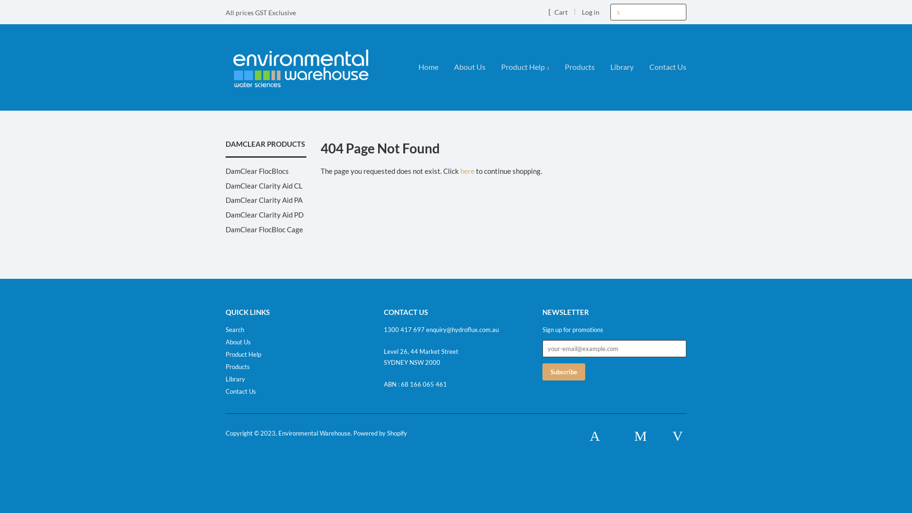 The image size is (912, 513). Describe the element at coordinates (524, 66) in the screenshot. I see `'Product Help'` at that location.